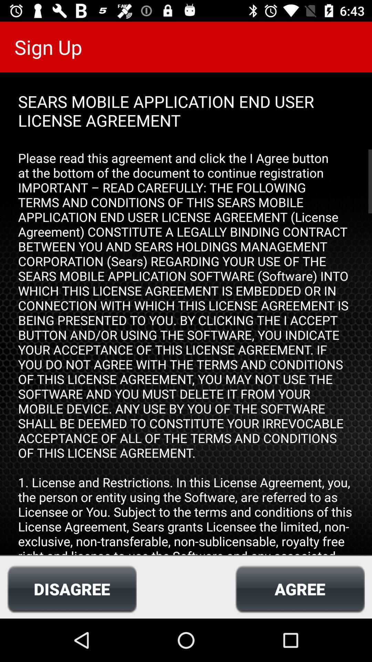 The width and height of the screenshot is (372, 662). I want to click on the icon next to the agree, so click(72, 589).